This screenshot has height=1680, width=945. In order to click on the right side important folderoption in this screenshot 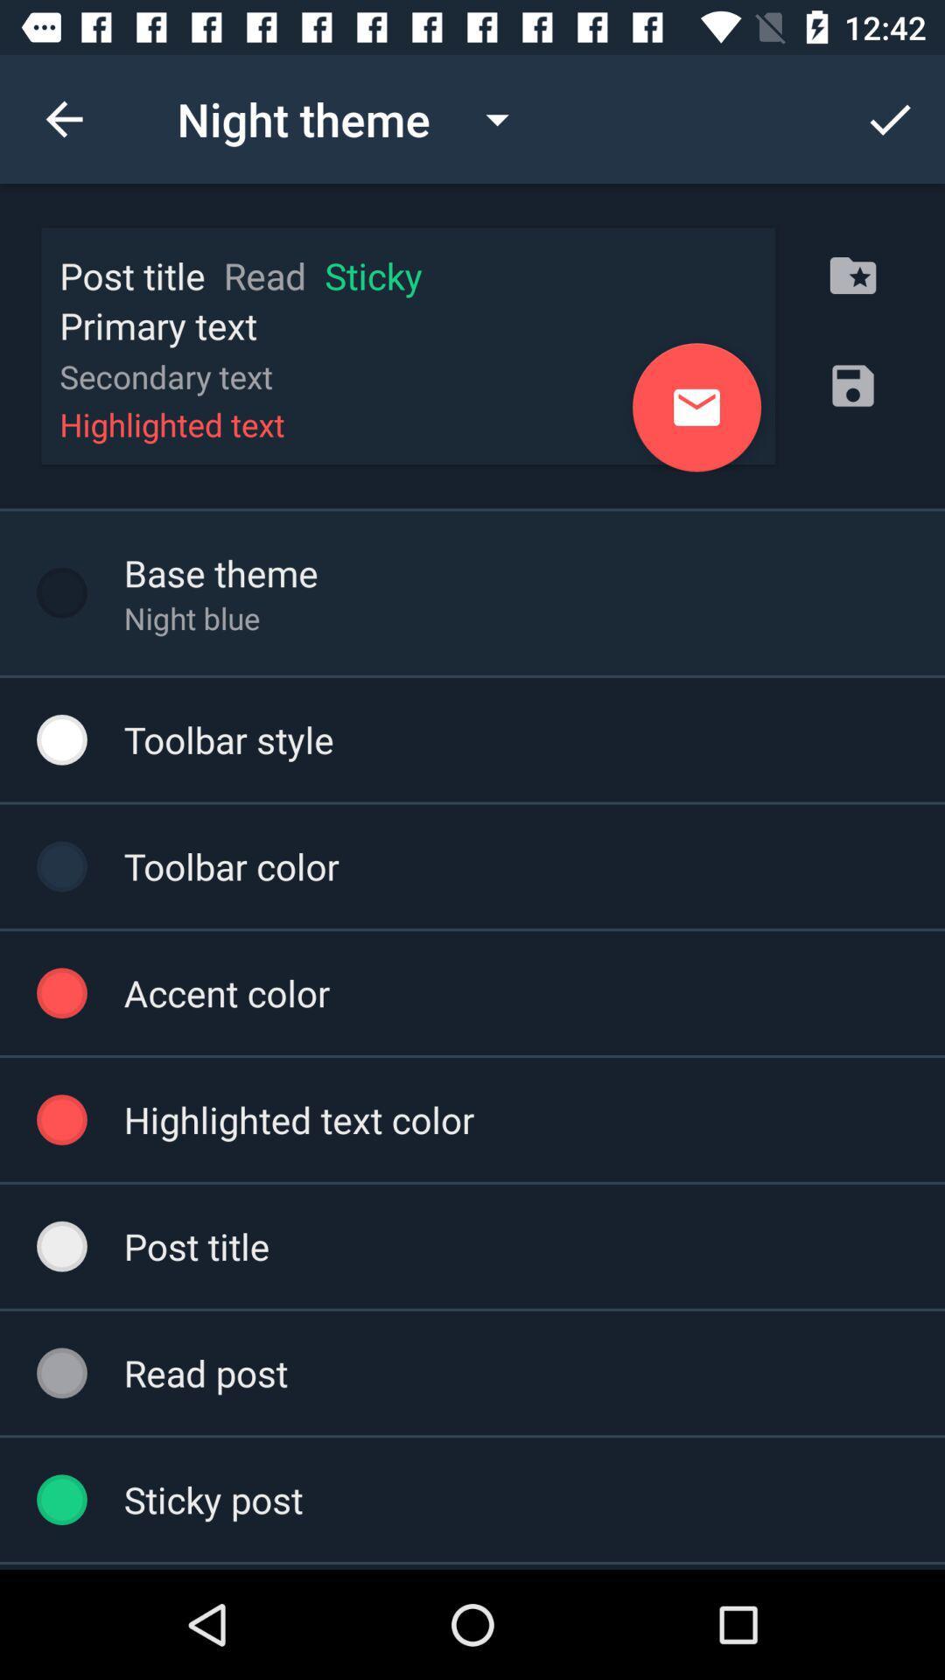, I will do `click(852, 275)`.